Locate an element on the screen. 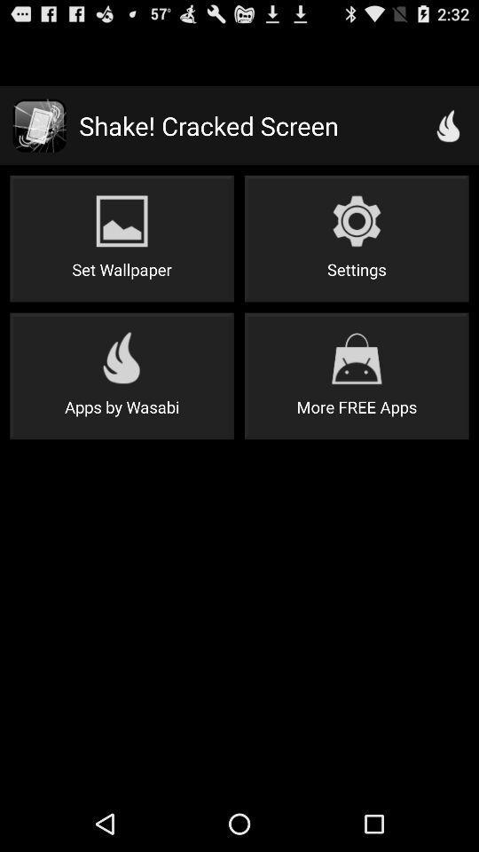 This screenshot has height=852, width=479. button at the top left corner is located at coordinates (121, 238).